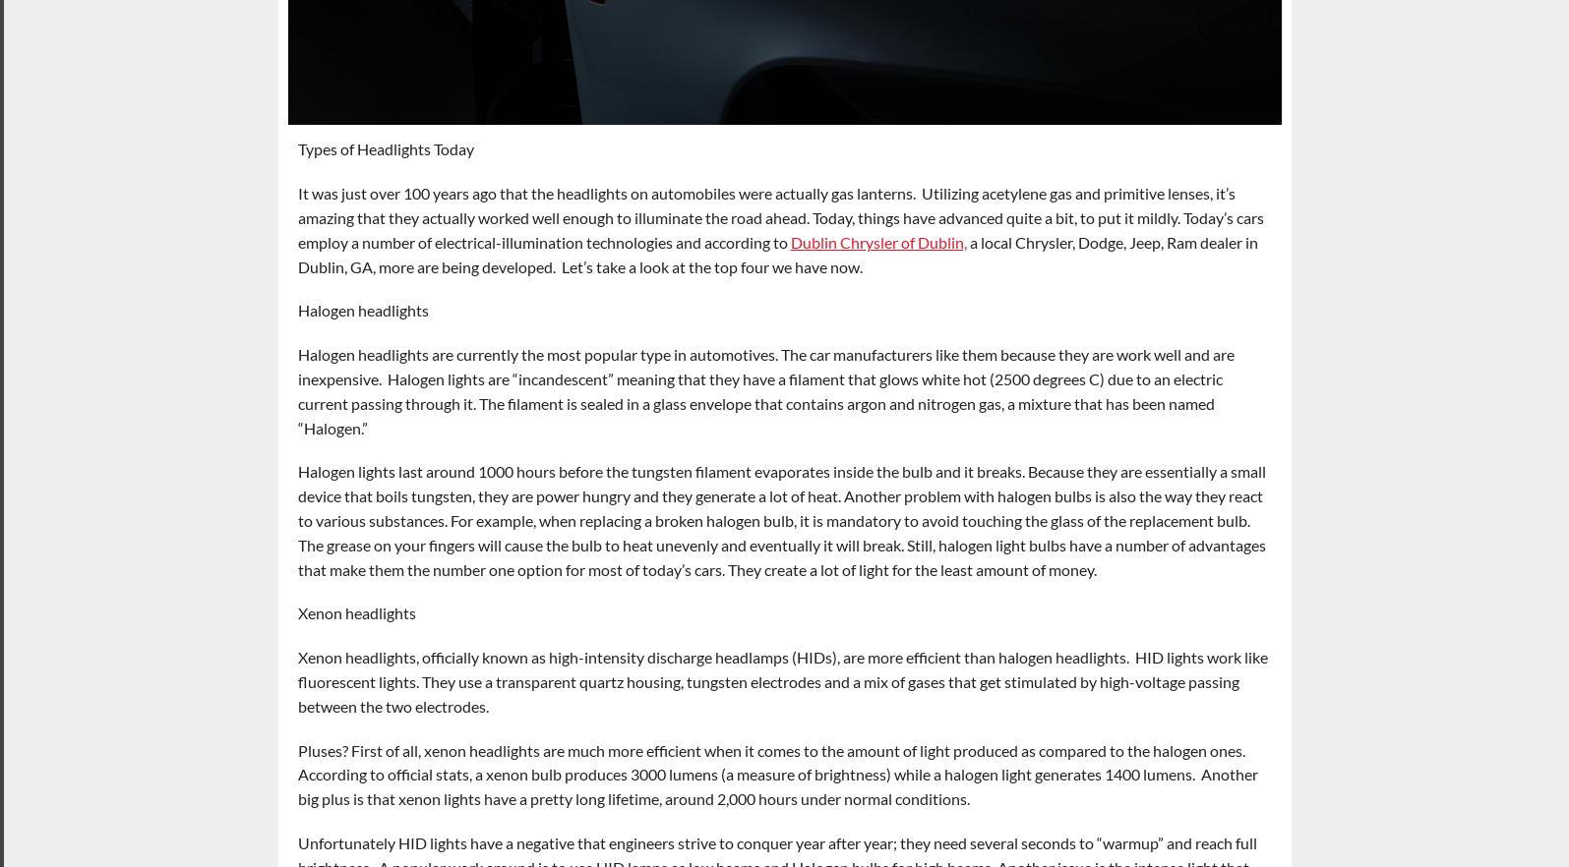 This screenshot has height=867, width=1569. What do you see at coordinates (780, 216) in the screenshot?
I see `'It was just over 100 years ago that the headlights on automobiles were actually gas lanterns.  Utilizing acetylene gas and primitive lenses, it’s amazing that they actually worked well enough to illuminate the road ahead. Today, things have advanced quite a bit, to put it mildly. Today’s cars employ a number of electrical-illumination technologies and according to'` at bounding box center [780, 216].